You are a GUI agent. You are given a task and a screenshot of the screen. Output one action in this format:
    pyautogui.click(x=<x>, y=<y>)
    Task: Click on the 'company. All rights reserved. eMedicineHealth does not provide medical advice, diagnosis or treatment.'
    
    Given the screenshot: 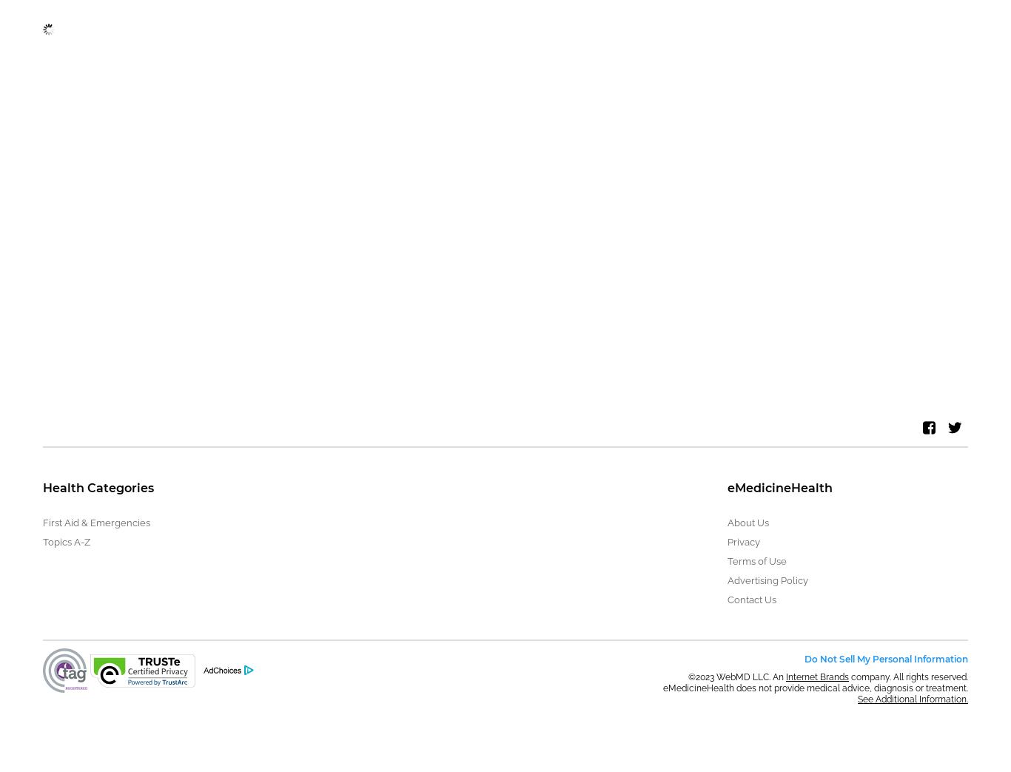 What is the action you would take?
    pyautogui.click(x=814, y=682)
    